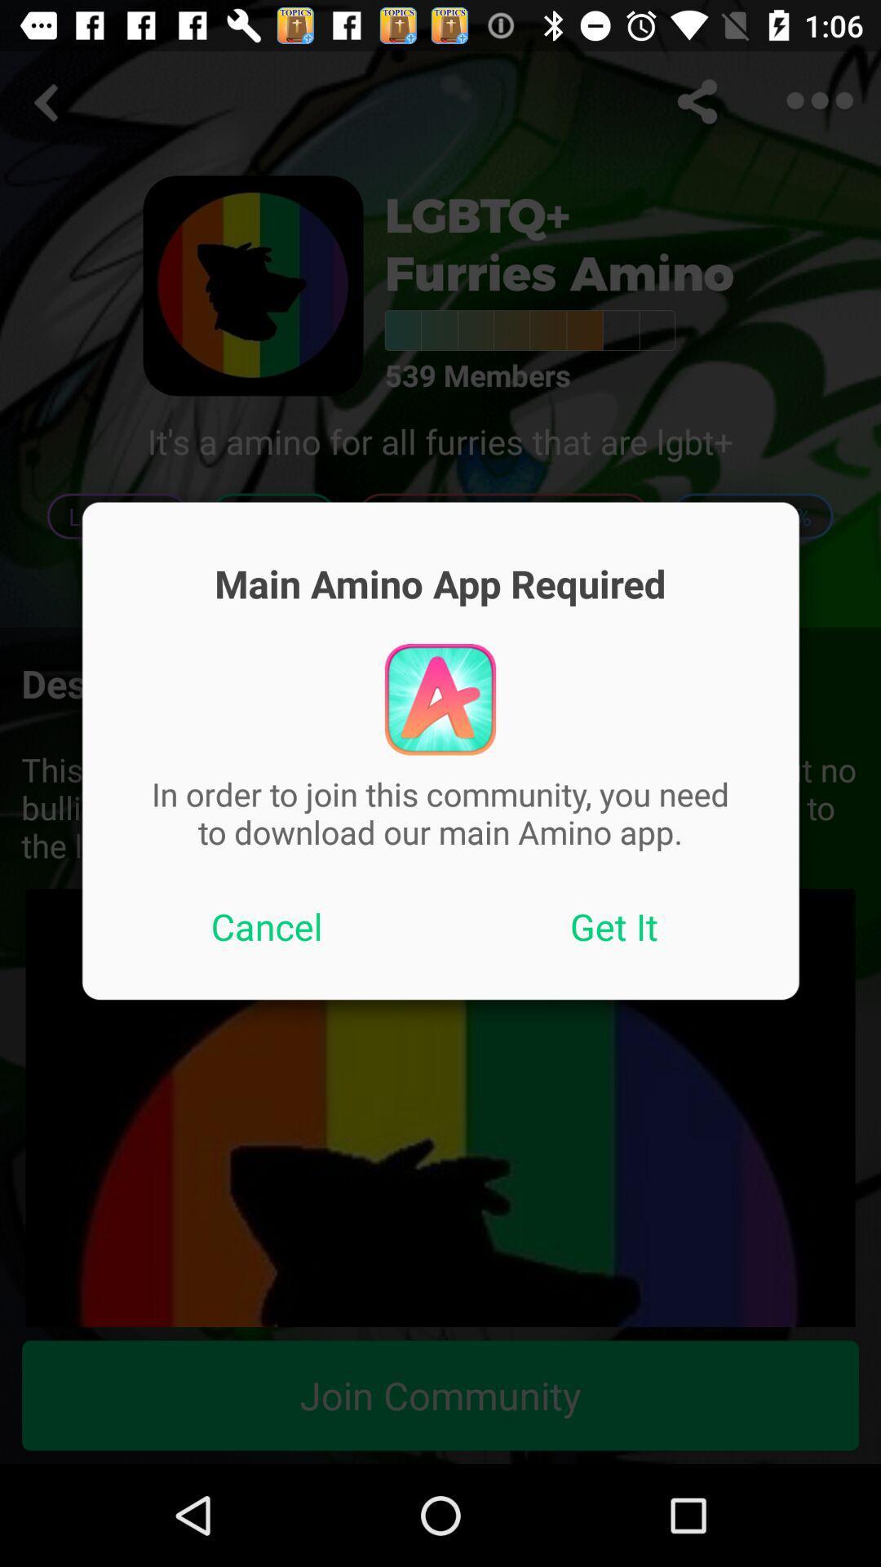 This screenshot has height=1567, width=881. I want to click on get it item, so click(614, 926).